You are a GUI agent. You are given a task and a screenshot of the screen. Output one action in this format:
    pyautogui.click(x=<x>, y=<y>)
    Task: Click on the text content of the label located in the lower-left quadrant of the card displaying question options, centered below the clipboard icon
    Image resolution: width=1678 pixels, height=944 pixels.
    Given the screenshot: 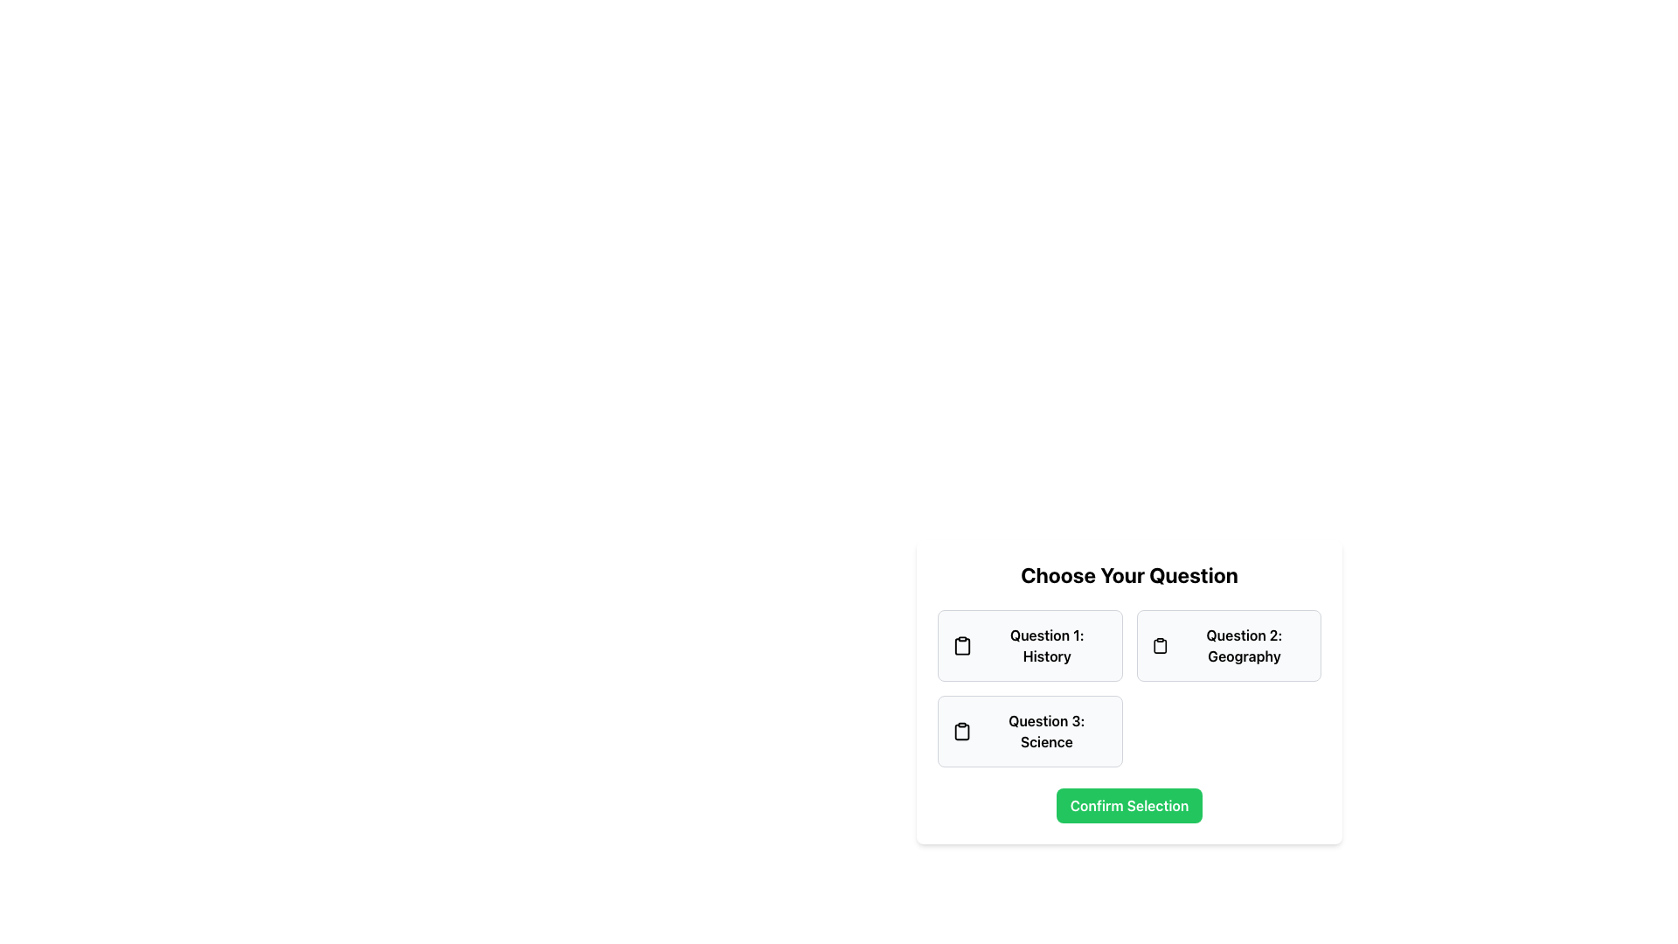 What is the action you would take?
    pyautogui.click(x=1046, y=732)
    